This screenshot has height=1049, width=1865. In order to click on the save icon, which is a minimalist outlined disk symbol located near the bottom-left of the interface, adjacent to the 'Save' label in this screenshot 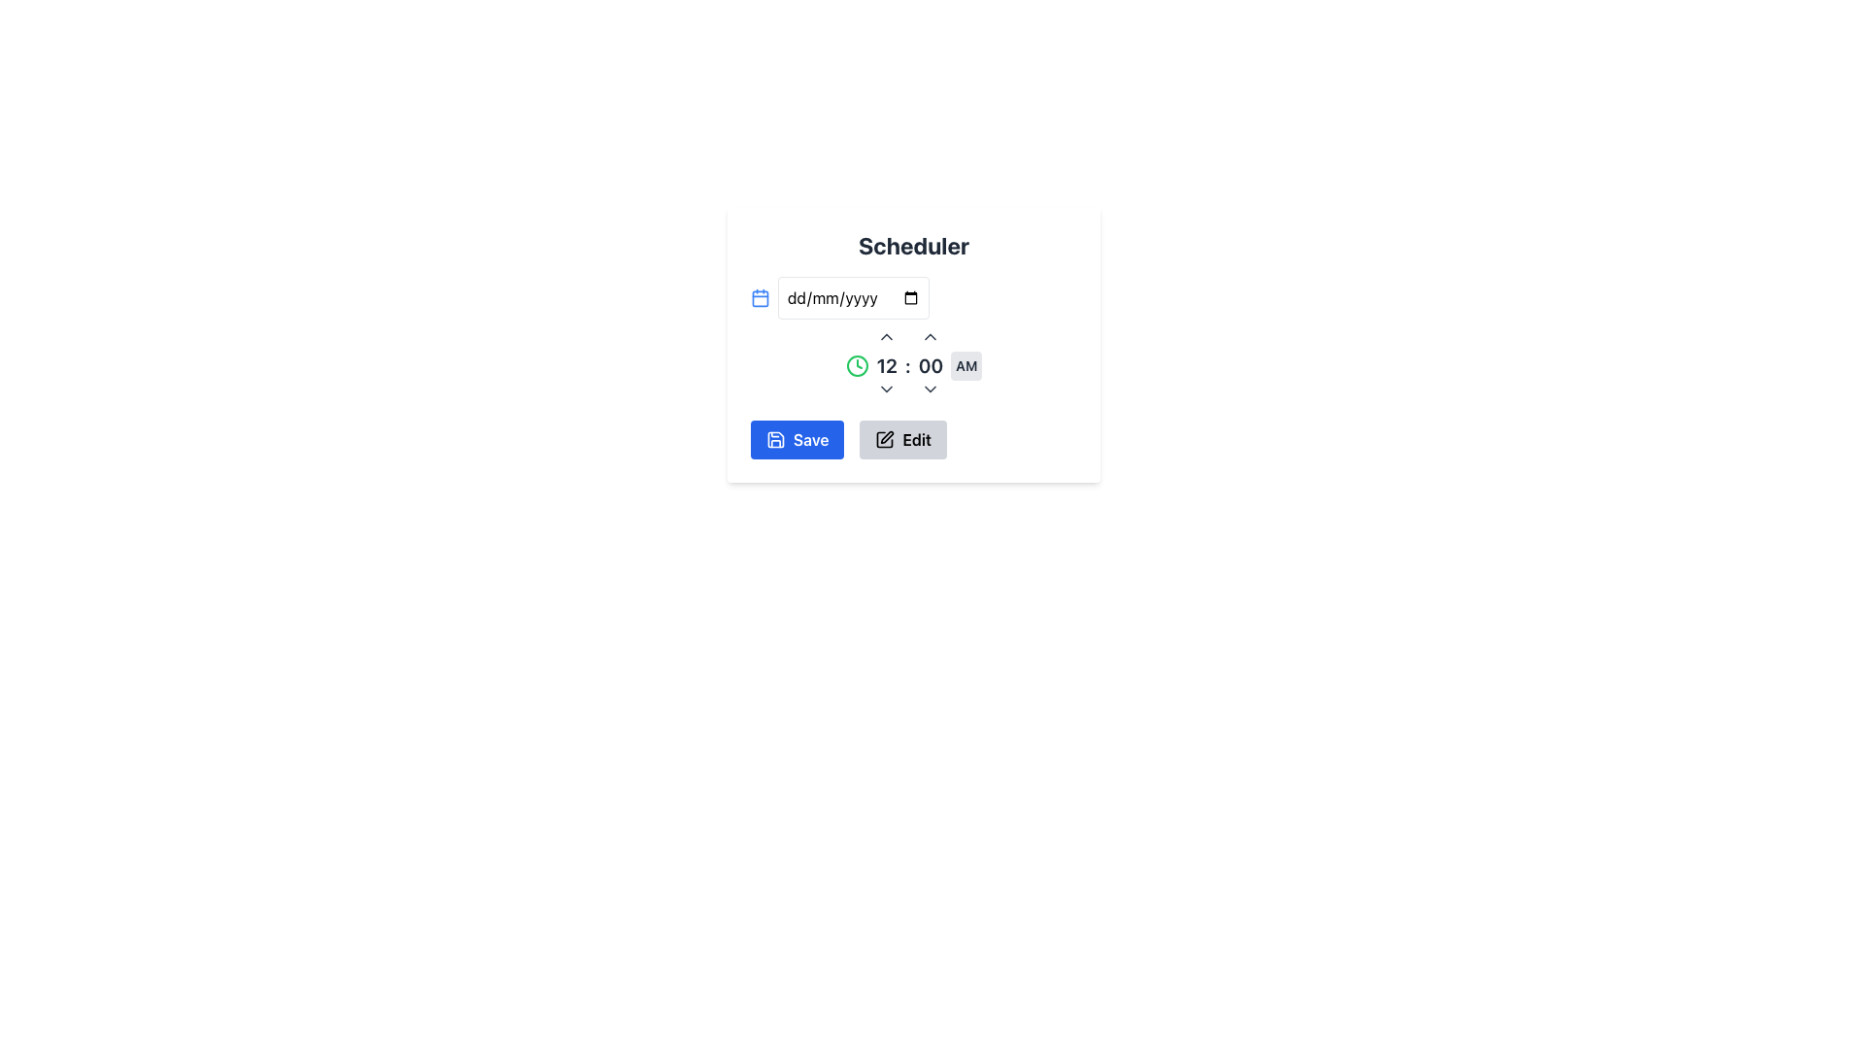, I will do `click(774, 439)`.